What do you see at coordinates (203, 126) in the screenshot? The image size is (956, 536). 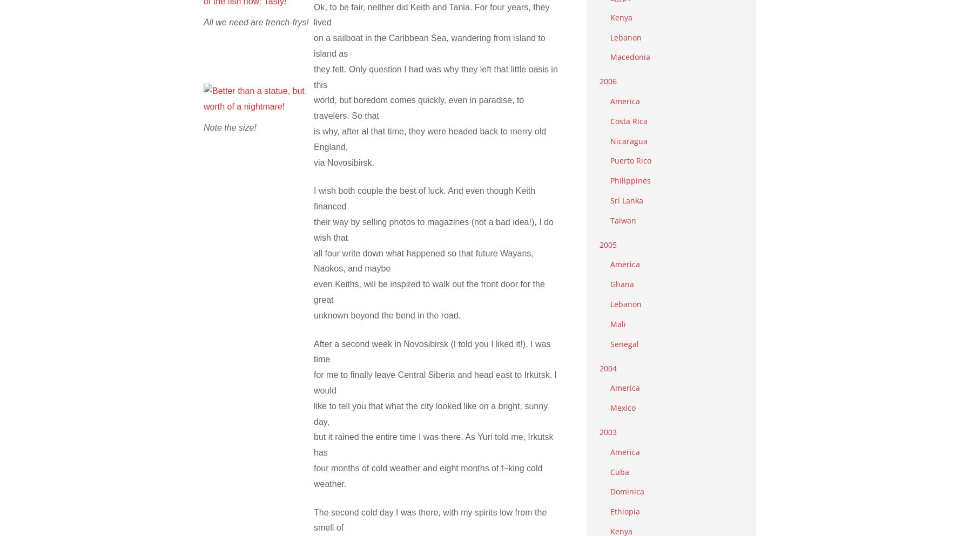 I see `'Note the size!'` at bounding box center [203, 126].